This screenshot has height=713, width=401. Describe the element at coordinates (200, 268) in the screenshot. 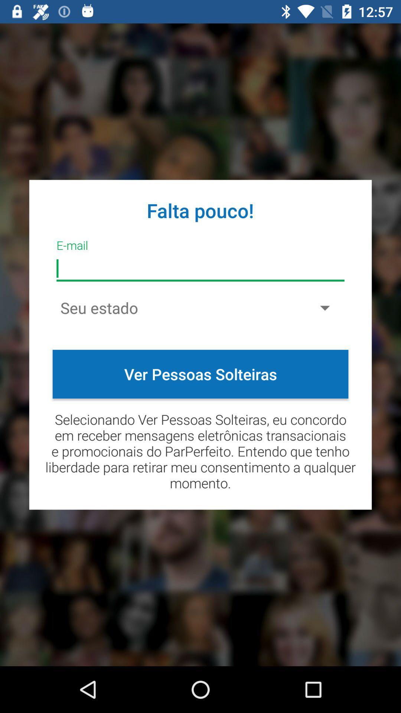

I see `e-mail` at that location.